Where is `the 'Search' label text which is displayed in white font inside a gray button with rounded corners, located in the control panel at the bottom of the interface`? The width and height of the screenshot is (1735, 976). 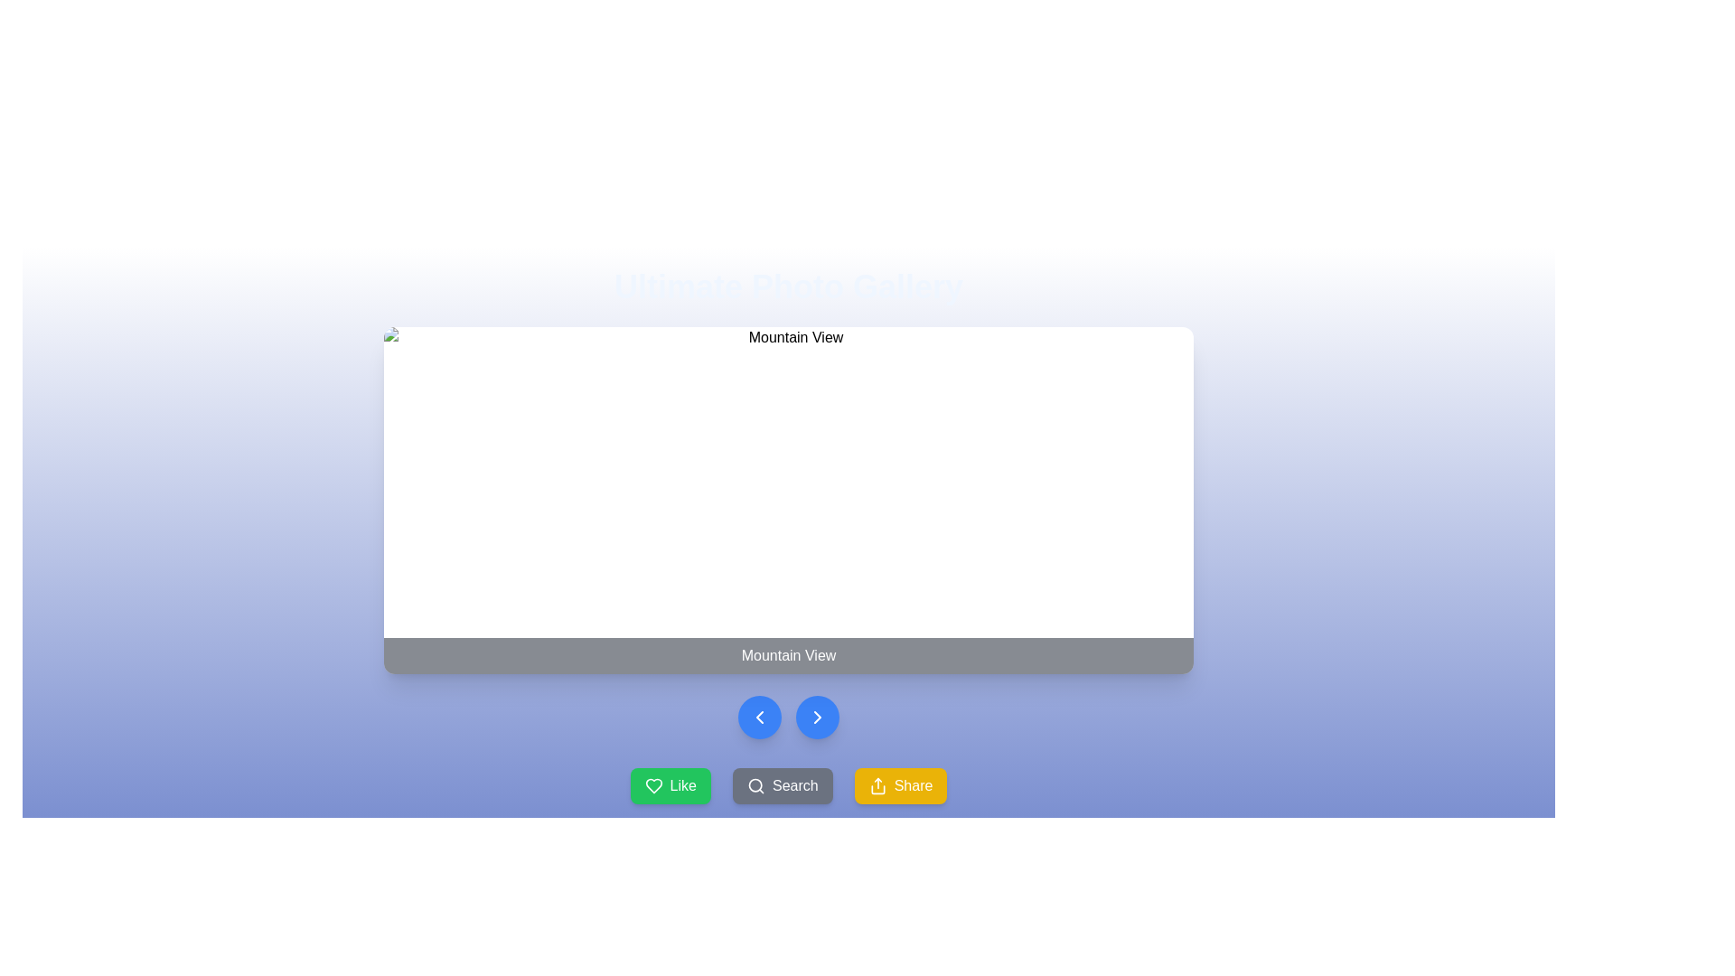
the 'Search' label text which is displayed in white font inside a gray button with rounded corners, located in the control panel at the bottom of the interface is located at coordinates (795, 785).